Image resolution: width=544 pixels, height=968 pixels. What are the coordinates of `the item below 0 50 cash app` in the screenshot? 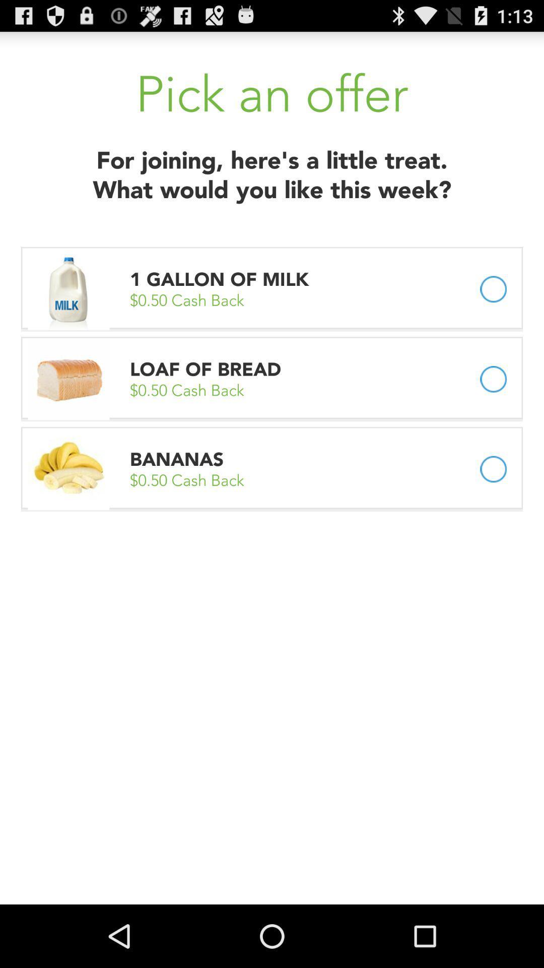 It's located at (176, 459).